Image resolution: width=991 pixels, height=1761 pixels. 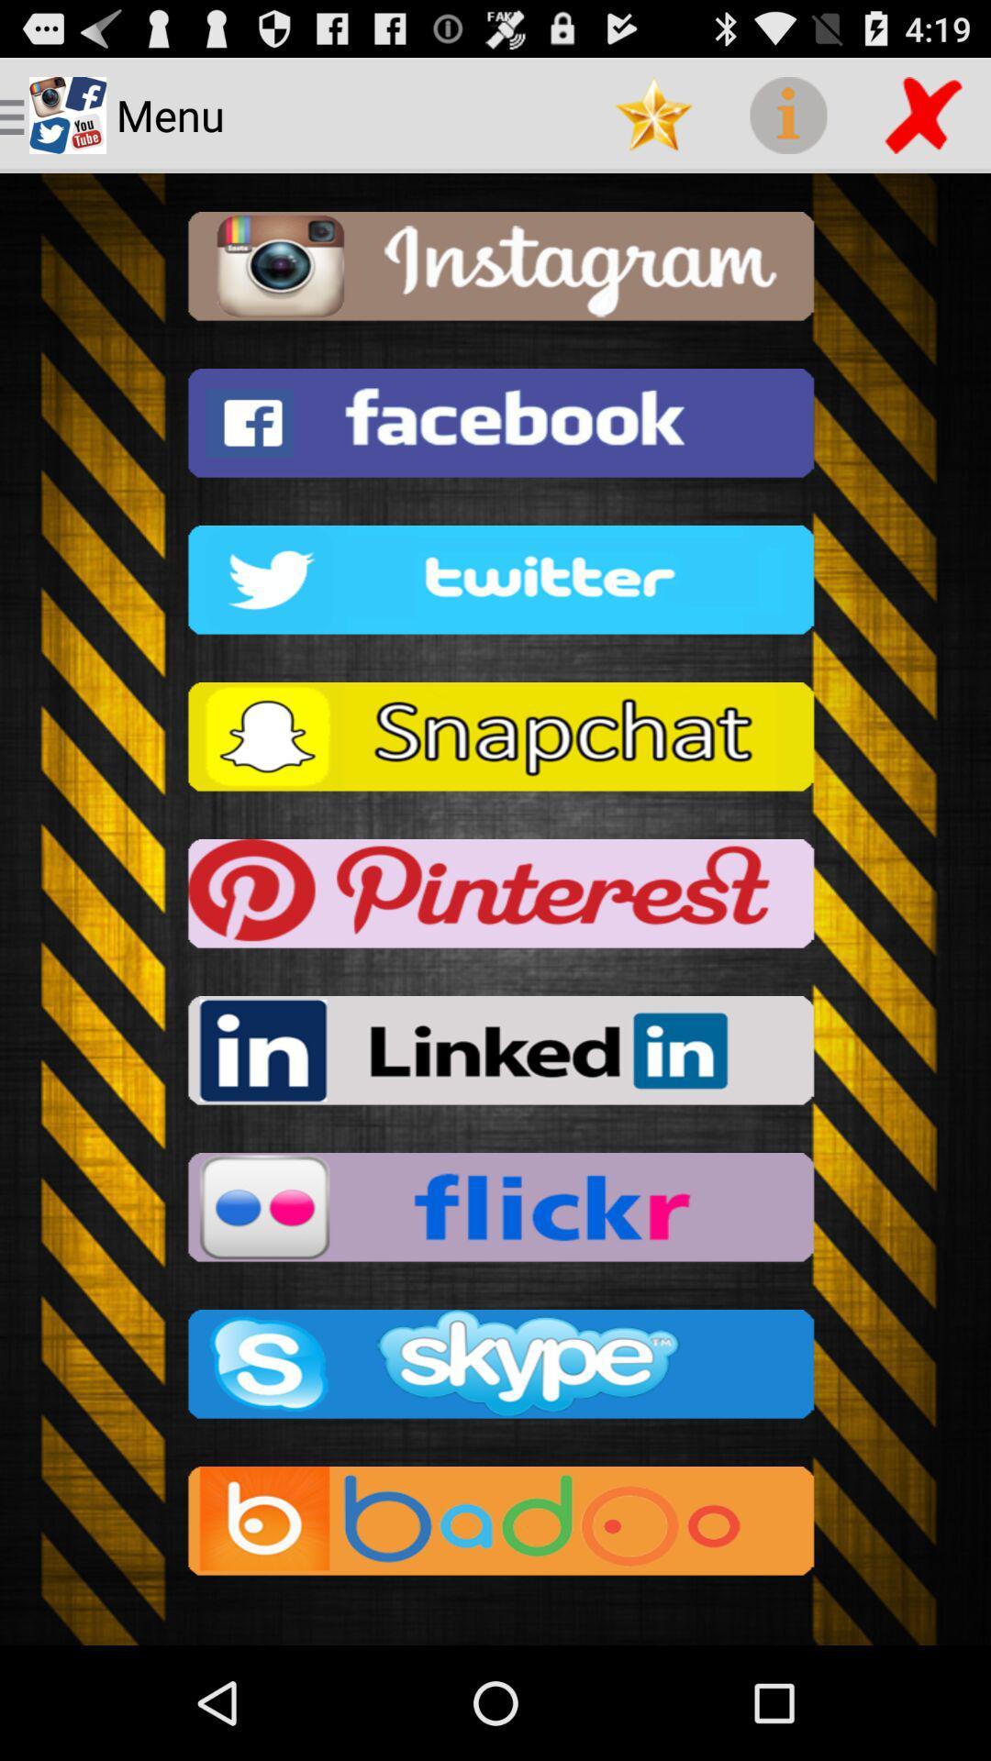 What do you see at coordinates (652, 114) in the screenshot?
I see `app to the right of the menu item` at bounding box center [652, 114].